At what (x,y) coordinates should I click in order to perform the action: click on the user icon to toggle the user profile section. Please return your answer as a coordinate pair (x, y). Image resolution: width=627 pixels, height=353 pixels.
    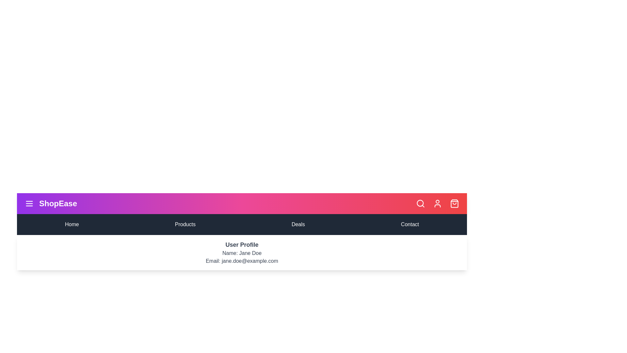
    Looking at the image, I should click on (437, 203).